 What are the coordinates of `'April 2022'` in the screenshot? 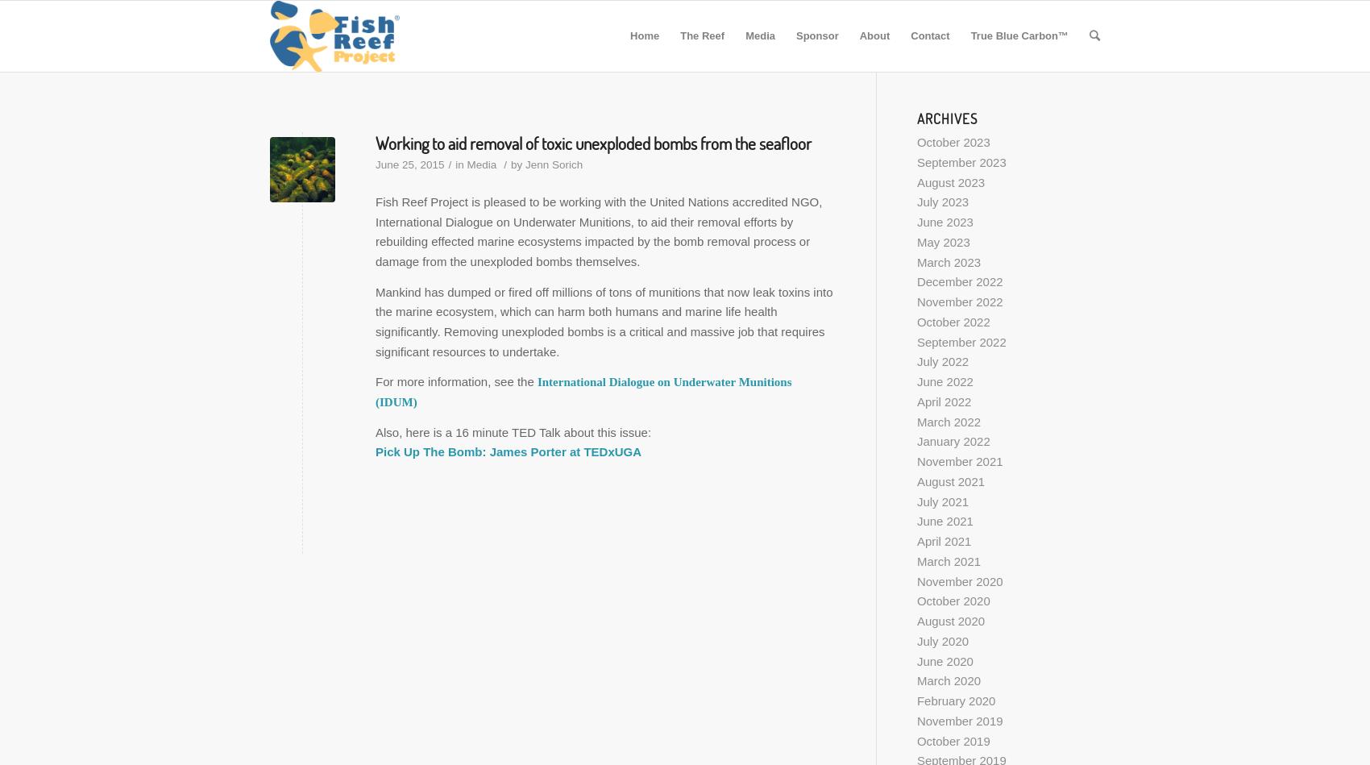 It's located at (942, 400).